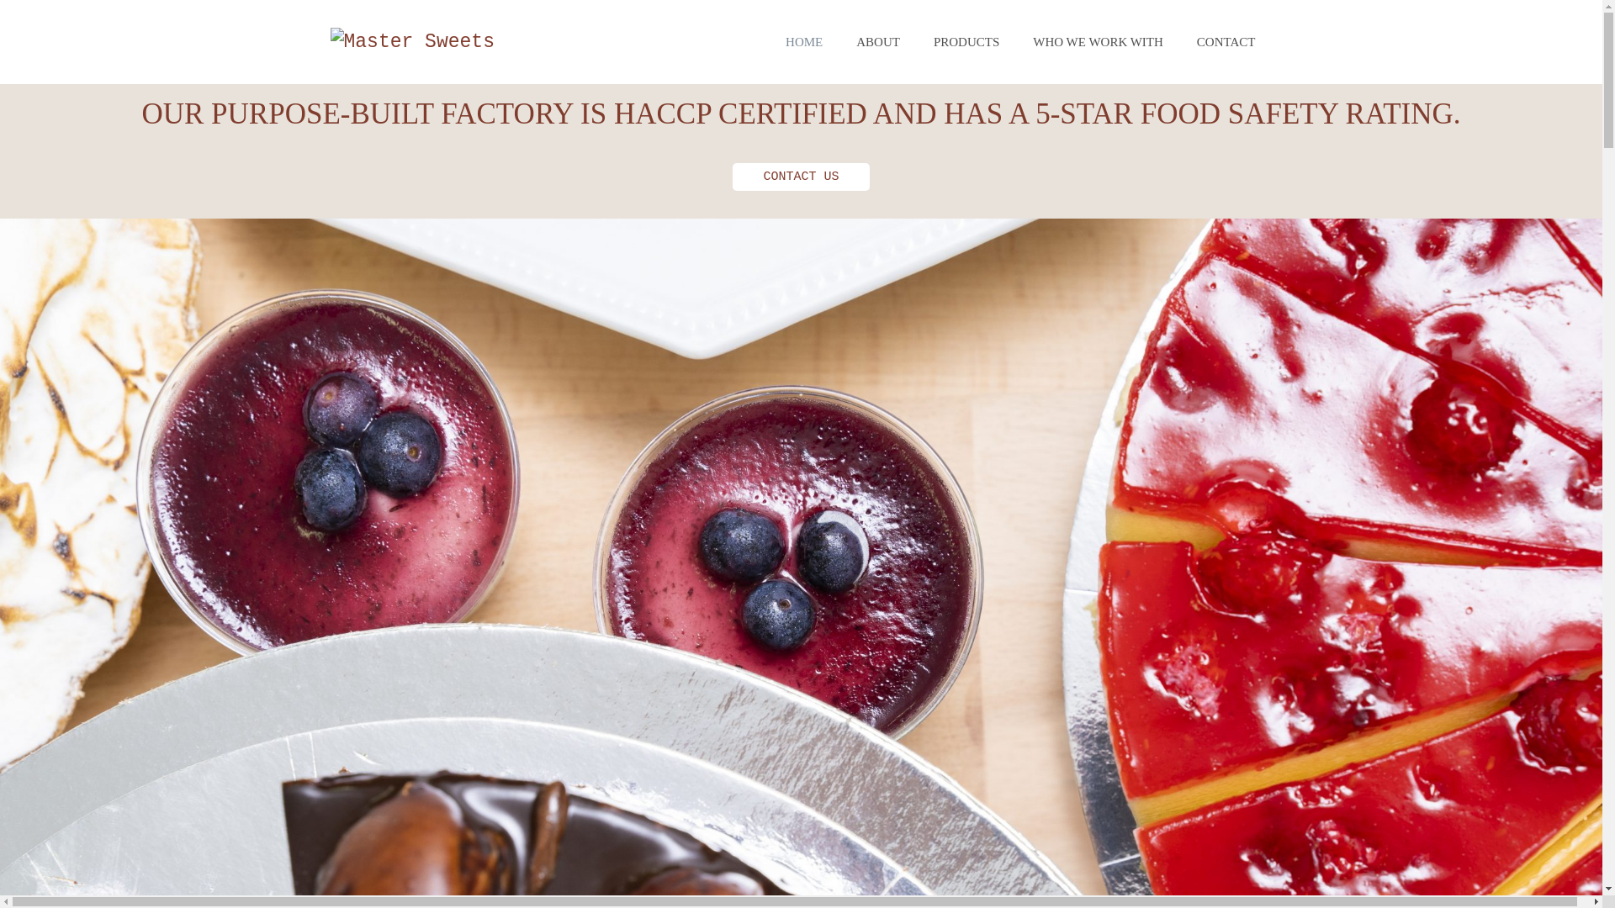 The image size is (1615, 908). What do you see at coordinates (966, 41) in the screenshot?
I see `'PRODUCTS'` at bounding box center [966, 41].